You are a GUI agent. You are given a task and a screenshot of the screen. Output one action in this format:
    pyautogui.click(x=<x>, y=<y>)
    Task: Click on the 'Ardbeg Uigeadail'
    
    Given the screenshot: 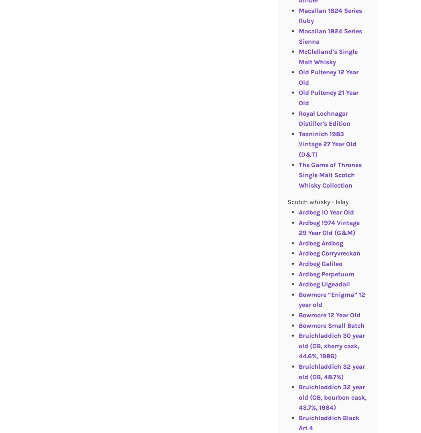 What is the action you would take?
    pyautogui.click(x=323, y=284)
    